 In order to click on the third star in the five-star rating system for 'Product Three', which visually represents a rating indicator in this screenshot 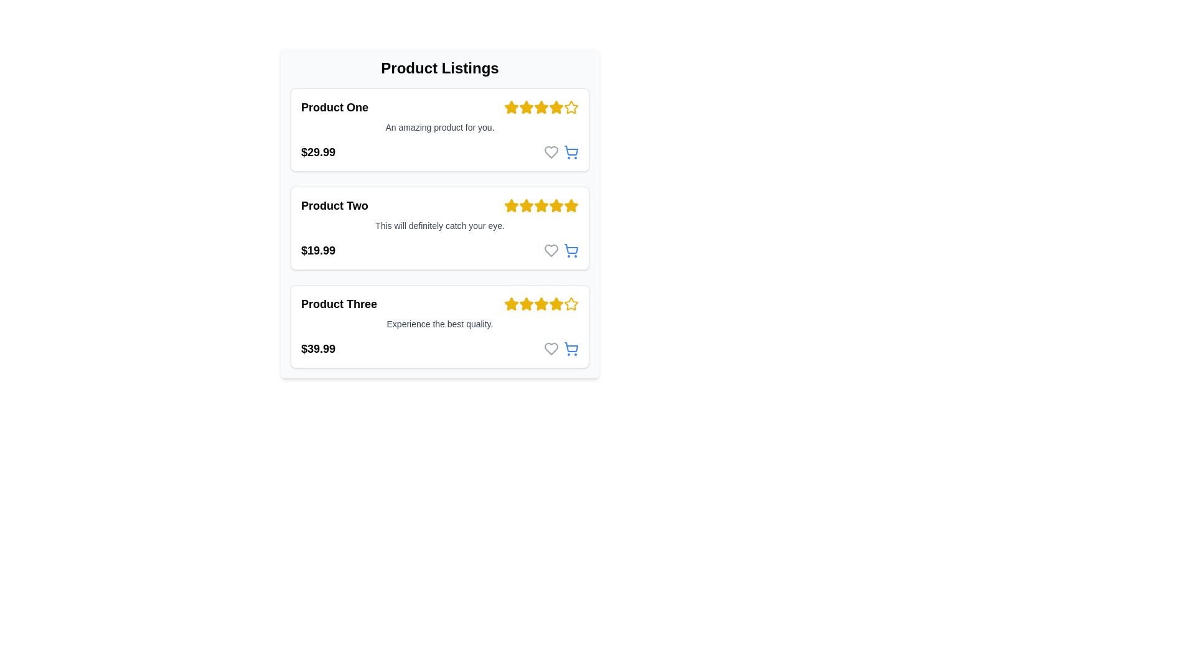, I will do `click(526, 304)`.